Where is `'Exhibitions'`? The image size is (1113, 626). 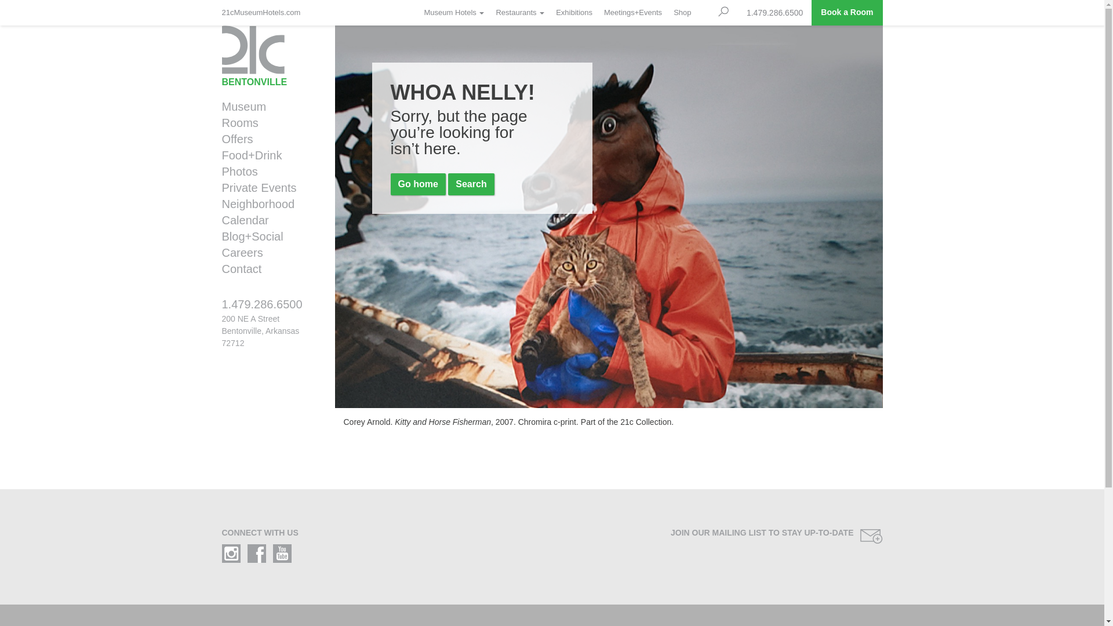 'Exhibitions' is located at coordinates (574, 13).